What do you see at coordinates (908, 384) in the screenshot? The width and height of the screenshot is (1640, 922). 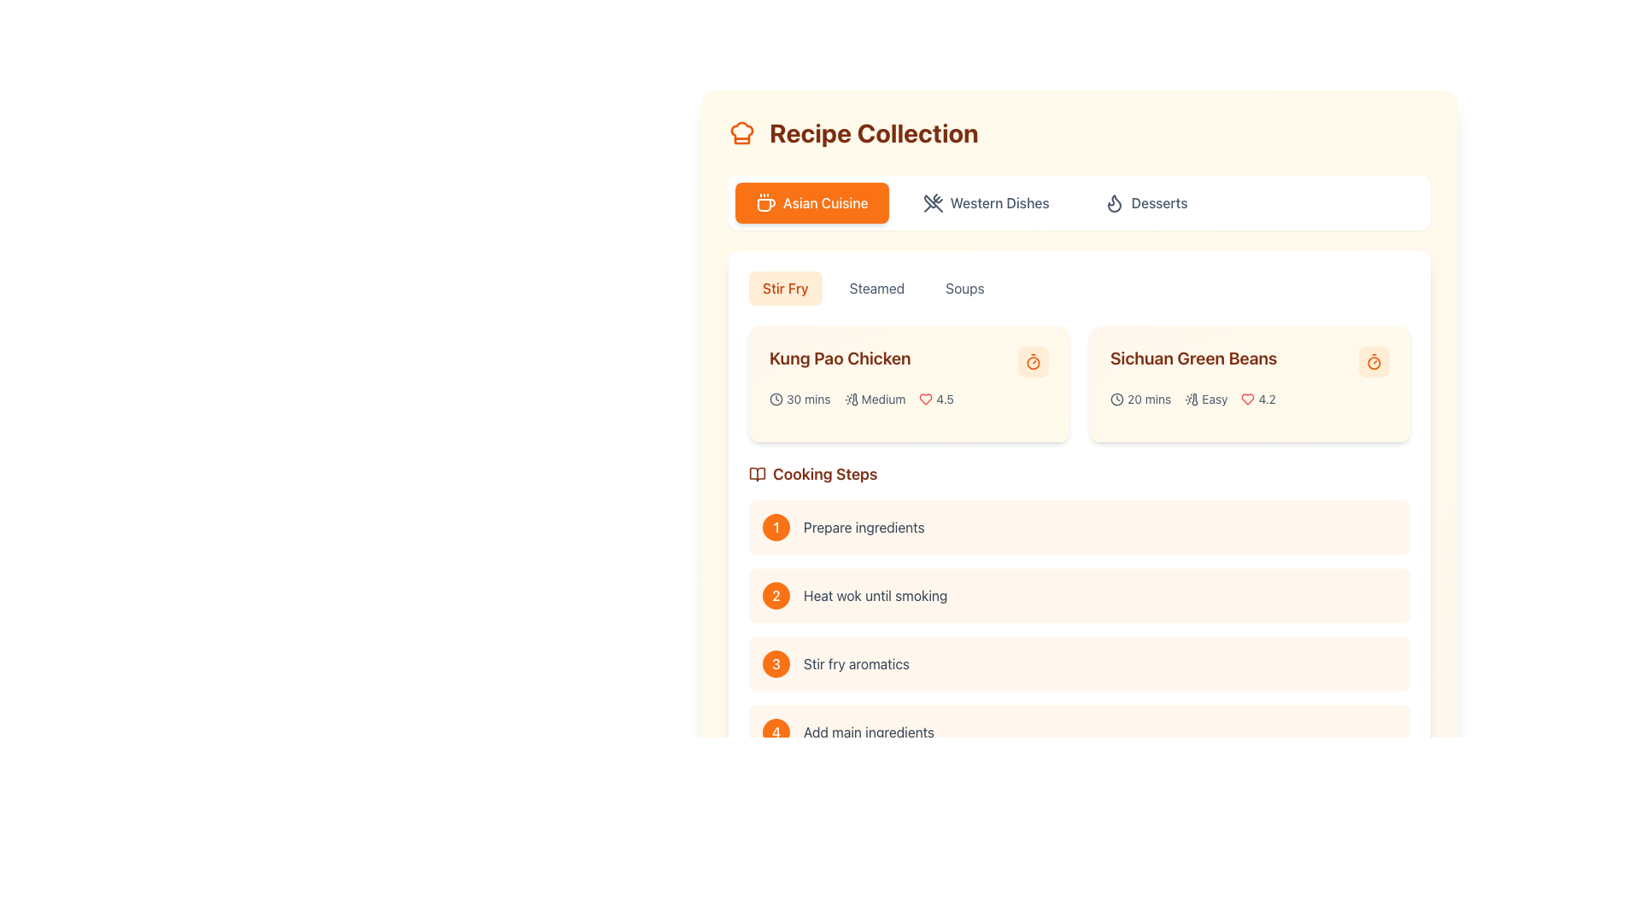 I see `the Kung Pao Chicken recipe card located at the top-left section of the two-column grid for more details` at bounding box center [908, 384].